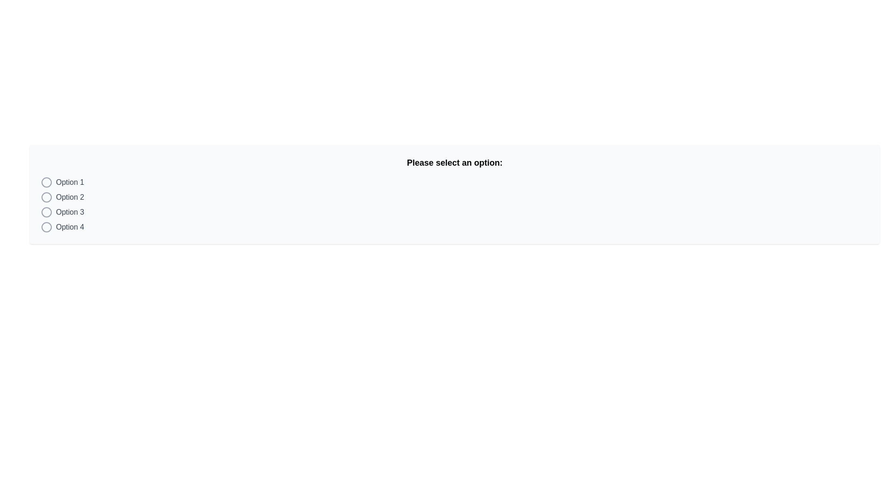 The height and width of the screenshot is (504, 896). What do you see at coordinates (46, 212) in the screenshot?
I see `the radio button component located beside the label 'Option 3'` at bounding box center [46, 212].